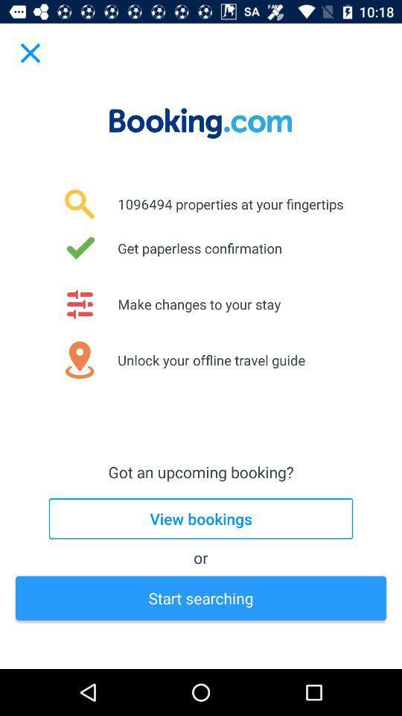  Describe the element at coordinates (201, 598) in the screenshot. I see `start searching item` at that location.